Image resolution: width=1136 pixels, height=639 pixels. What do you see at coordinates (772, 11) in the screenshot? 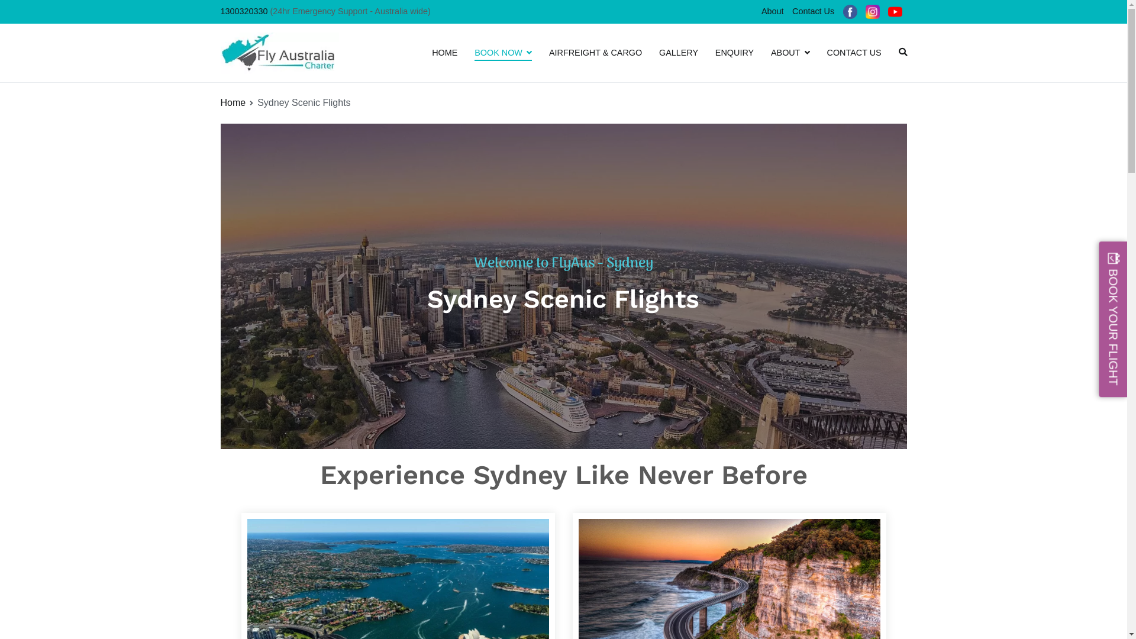
I see `'About'` at bounding box center [772, 11].